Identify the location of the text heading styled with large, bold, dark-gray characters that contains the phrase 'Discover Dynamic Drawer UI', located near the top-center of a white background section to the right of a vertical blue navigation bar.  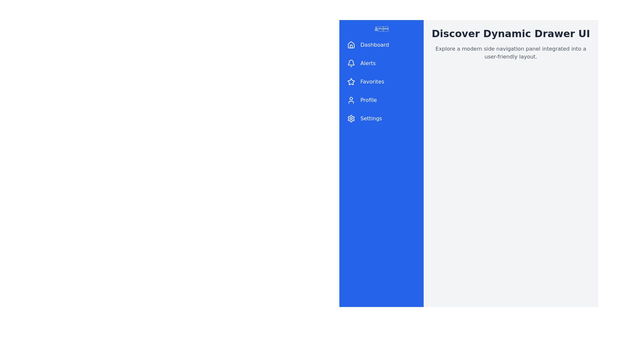
(510, 34).